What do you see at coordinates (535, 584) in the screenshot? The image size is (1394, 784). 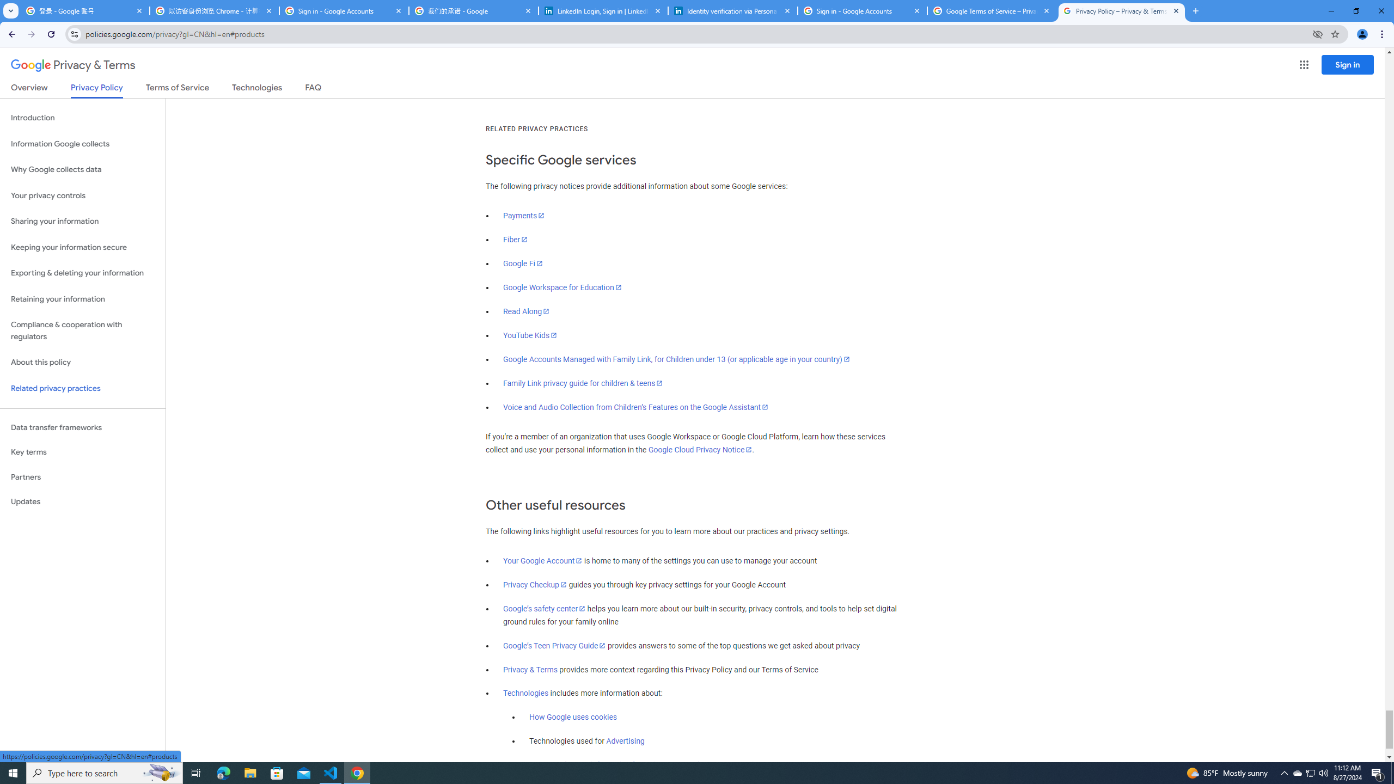 I see `'Privacy Checkup'` at bounding box center [535, 584].